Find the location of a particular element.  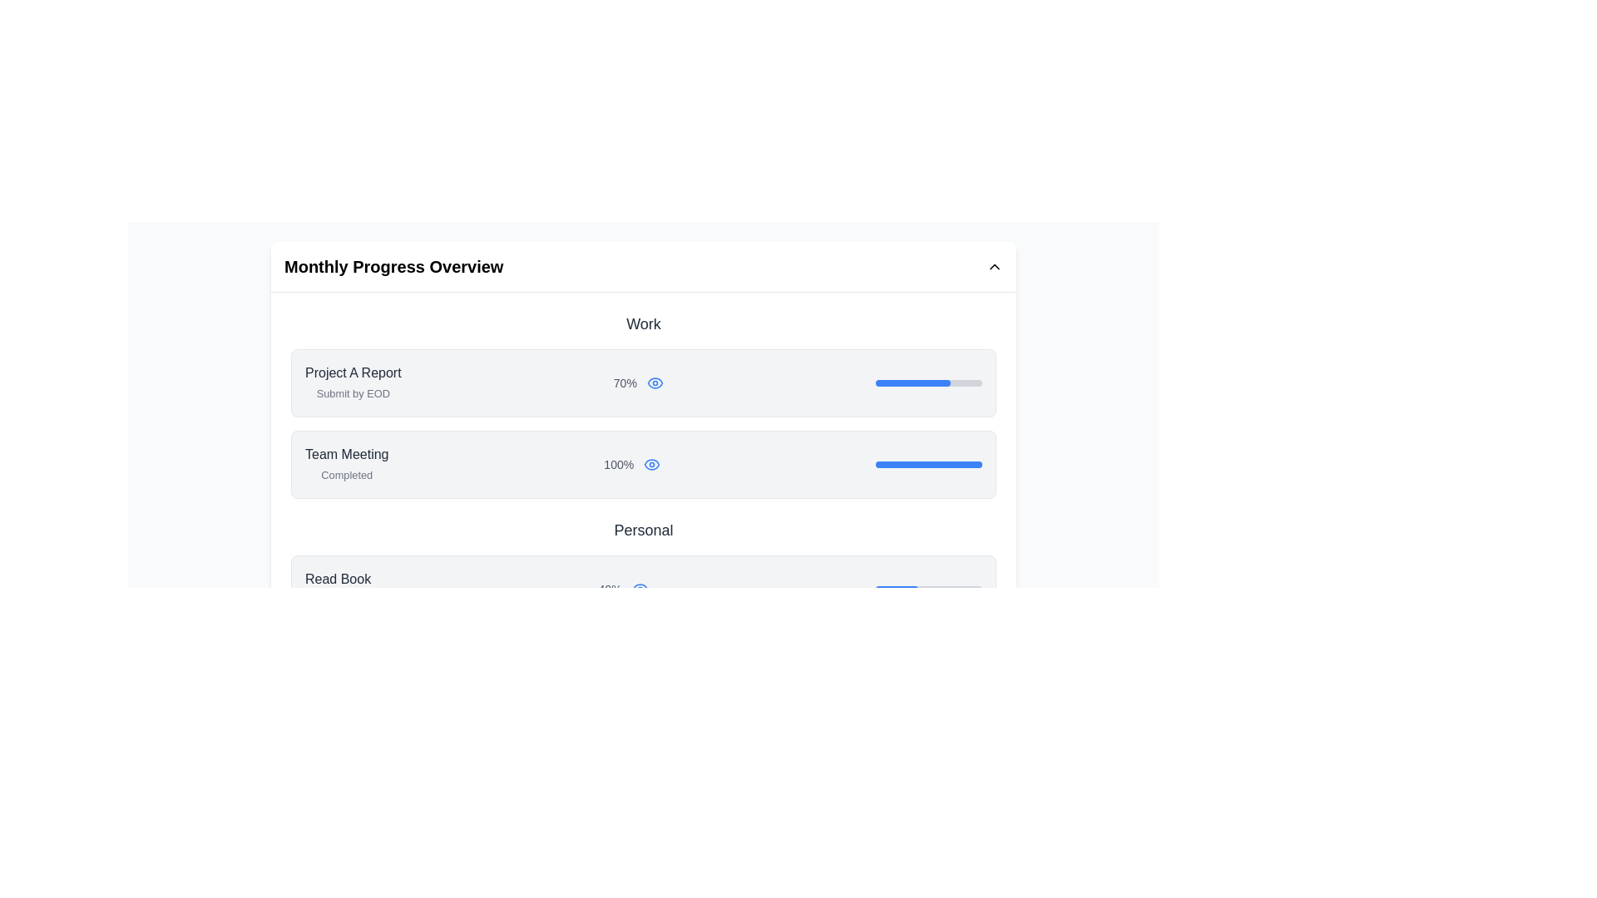

the Text Label indicating the title or status of an activity in the 'Personal' section, located at the top of the third panel is located at coordinates (337, 579).